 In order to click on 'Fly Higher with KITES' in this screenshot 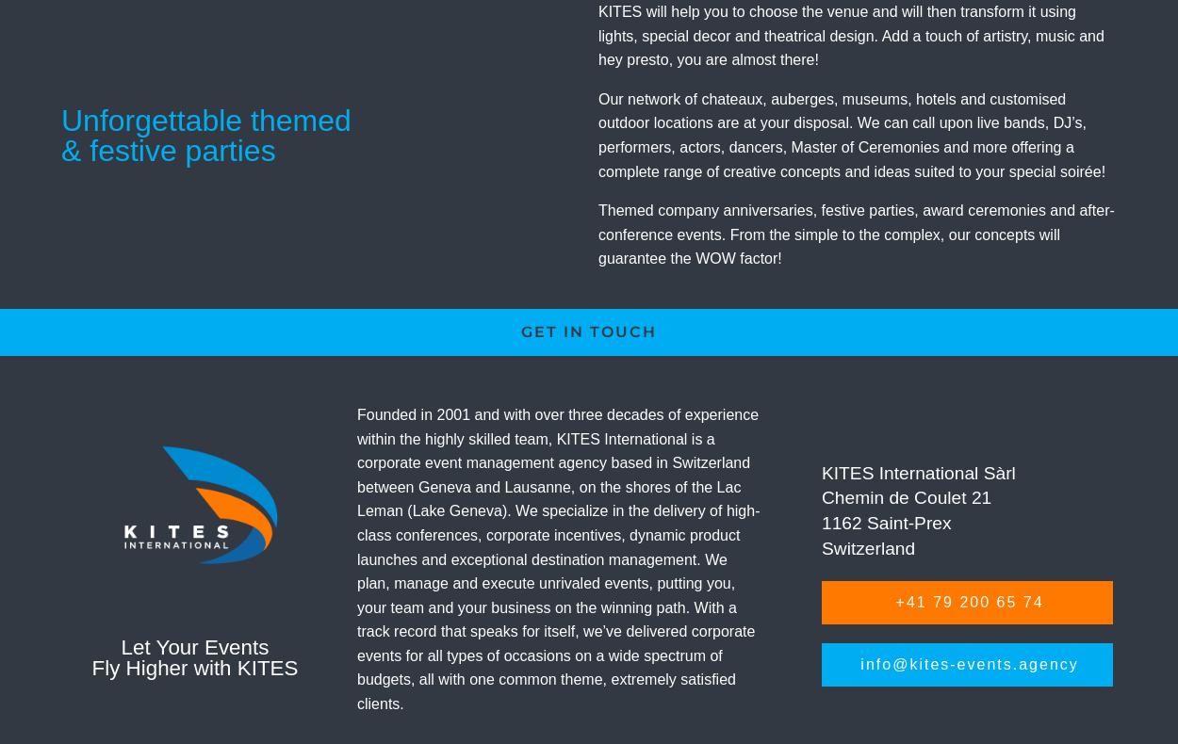, I will do `click(90, 667)`.